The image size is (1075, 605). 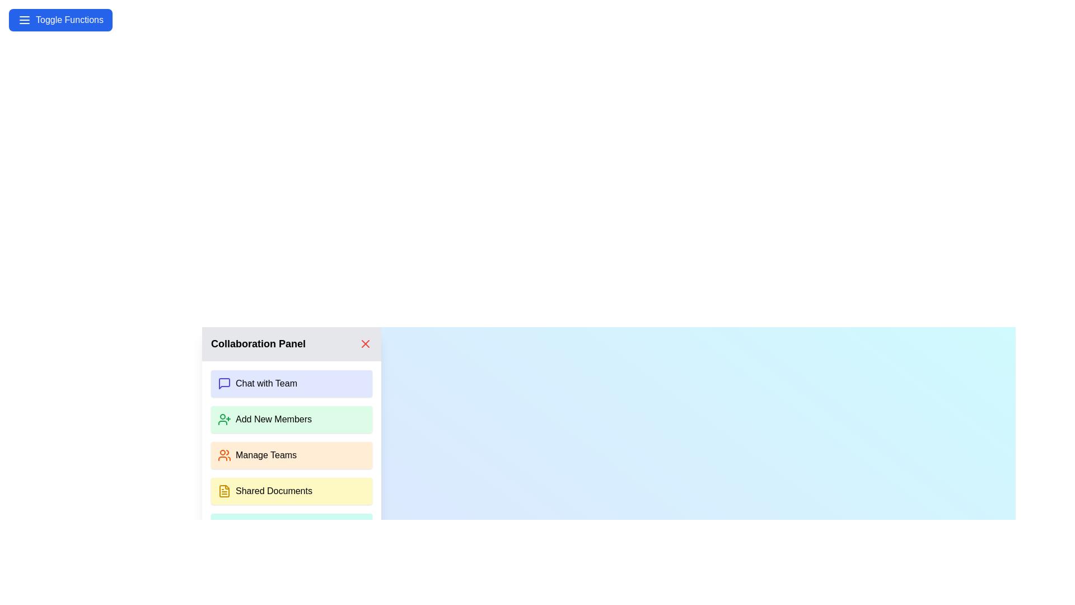 What do you see at coordinates (292, 455) in the screenshot?
I see `the 'Manage Teams' button, which is a rectangular button with a light orange background and an icon of two stylized user silhouettes in orange color, located in the 'Collaboration Panel' just below the 'Add New Members' button` at bounding box center [292, 455].